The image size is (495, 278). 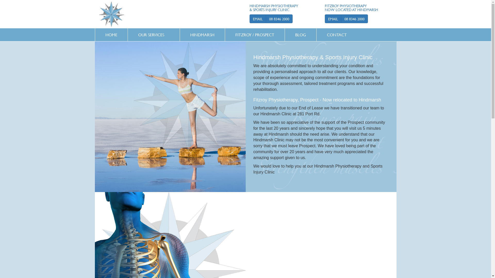 I want to click on 'CONTACT', so click(x=324, y=35).